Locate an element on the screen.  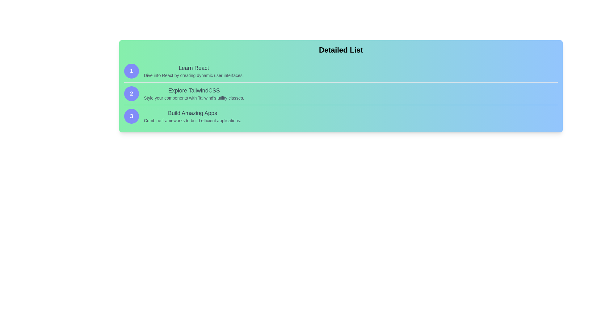
the content of the circular badge with a blue background containing the white text '2', which is located to the left of the text 'Explore TailwindCSS' is located at coordinates (131, 94).